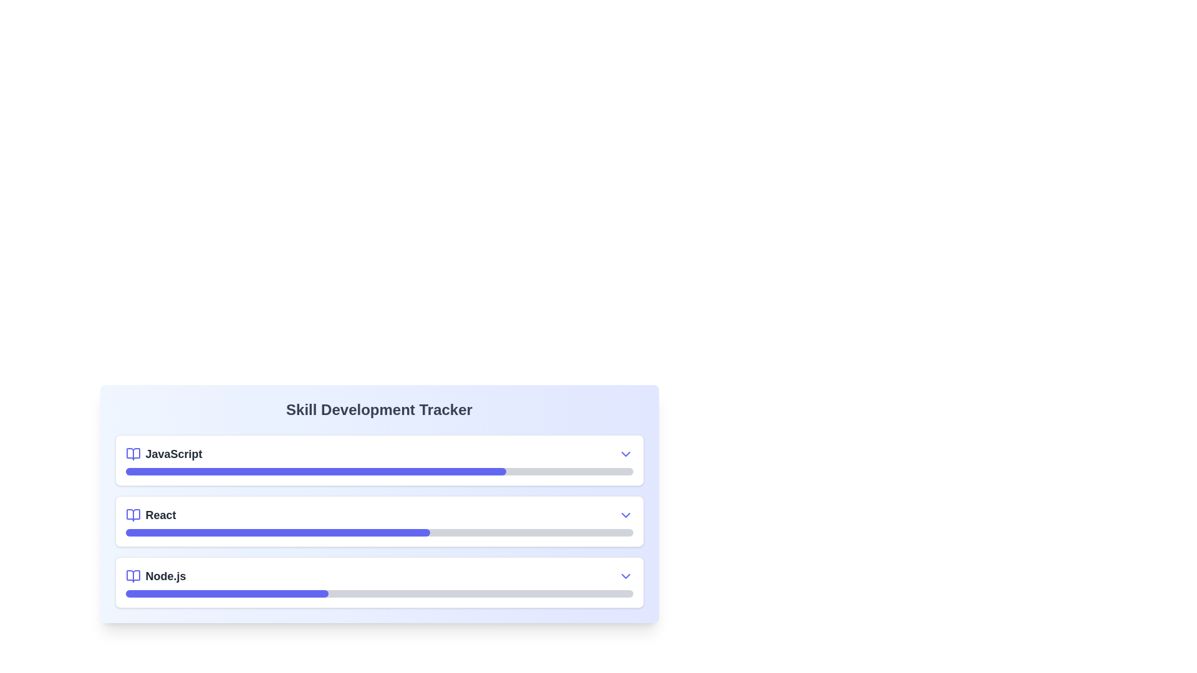 Image resolution: width=1197 pixels, height=673 pixels. What do you see at coordinates (378, 593) in the screenshot?
I see `the progress bar with rounded edges and an indigo section in the 'Node.js' section of the 'Skill Development Tracker', which is the third progress bar in the vertical stack` at bounding box center [378, 593].